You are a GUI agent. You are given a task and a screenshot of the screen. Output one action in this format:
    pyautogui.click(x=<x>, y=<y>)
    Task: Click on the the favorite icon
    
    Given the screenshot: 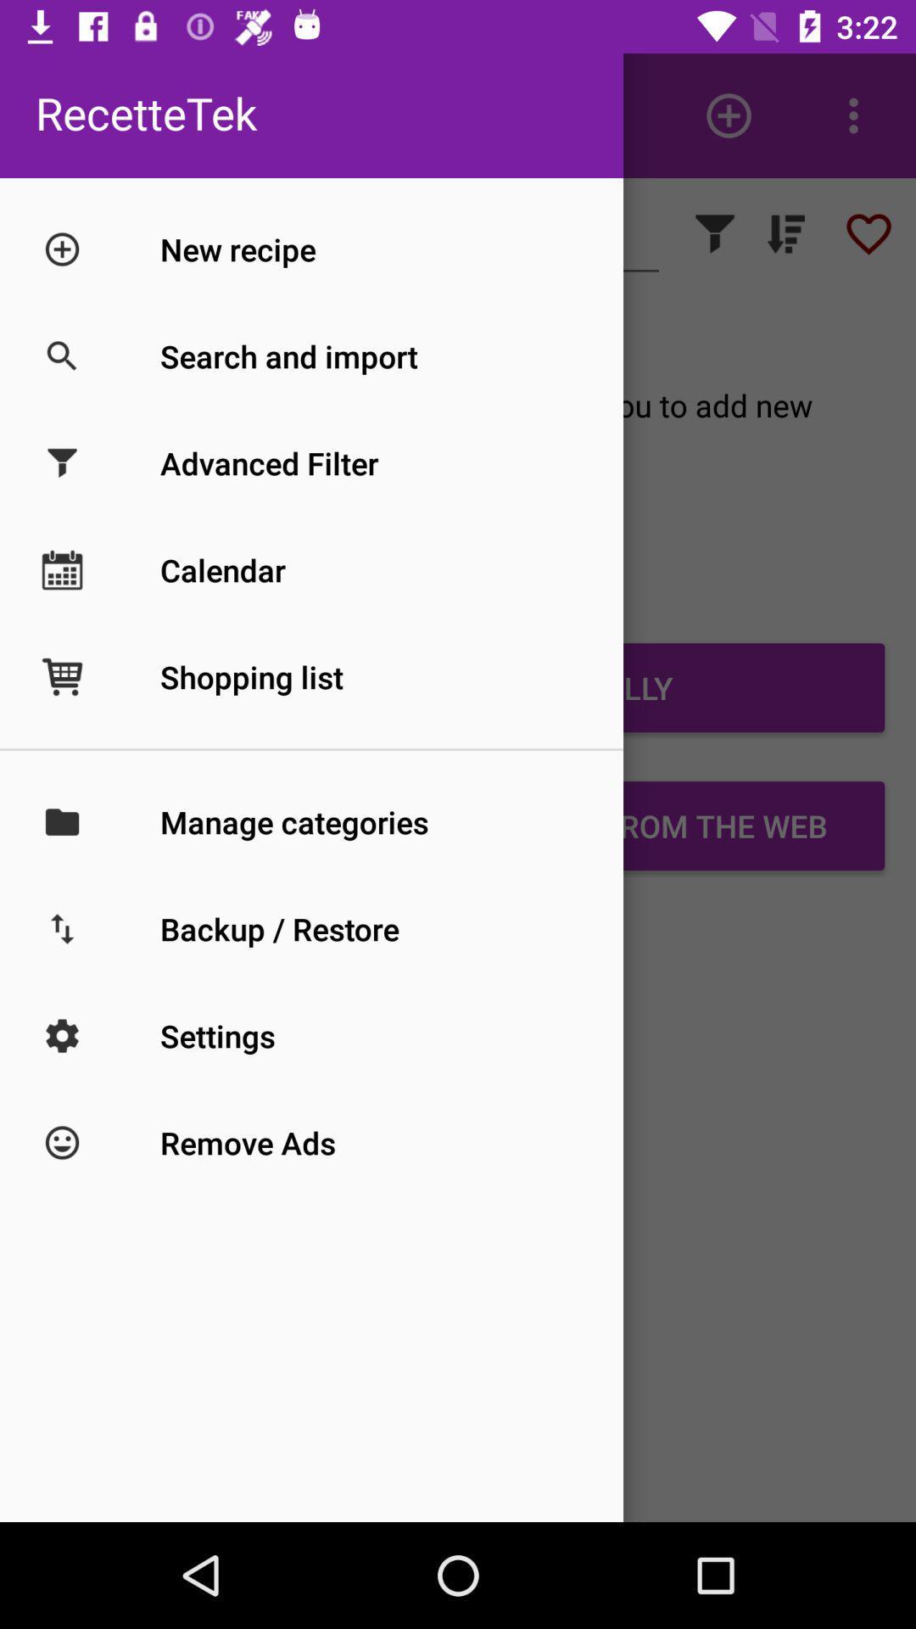 What is the action you would take?
    pyautogui.click(x=869, y=232)
    